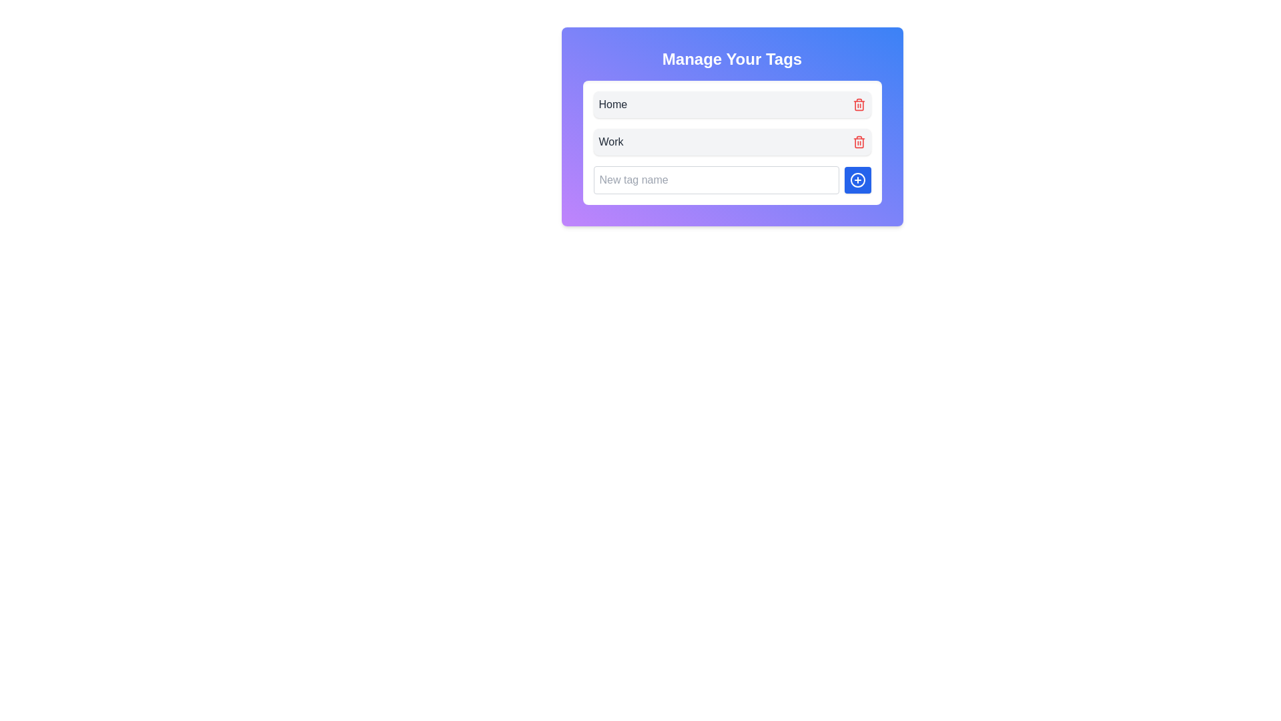 This screenshot has width=1281, height=721. Describe the element at coordinates (857, 180) in the screenshot. I see `the add tag icon located at the bottom-right of the 'Manage Your Tags' box` at that location.